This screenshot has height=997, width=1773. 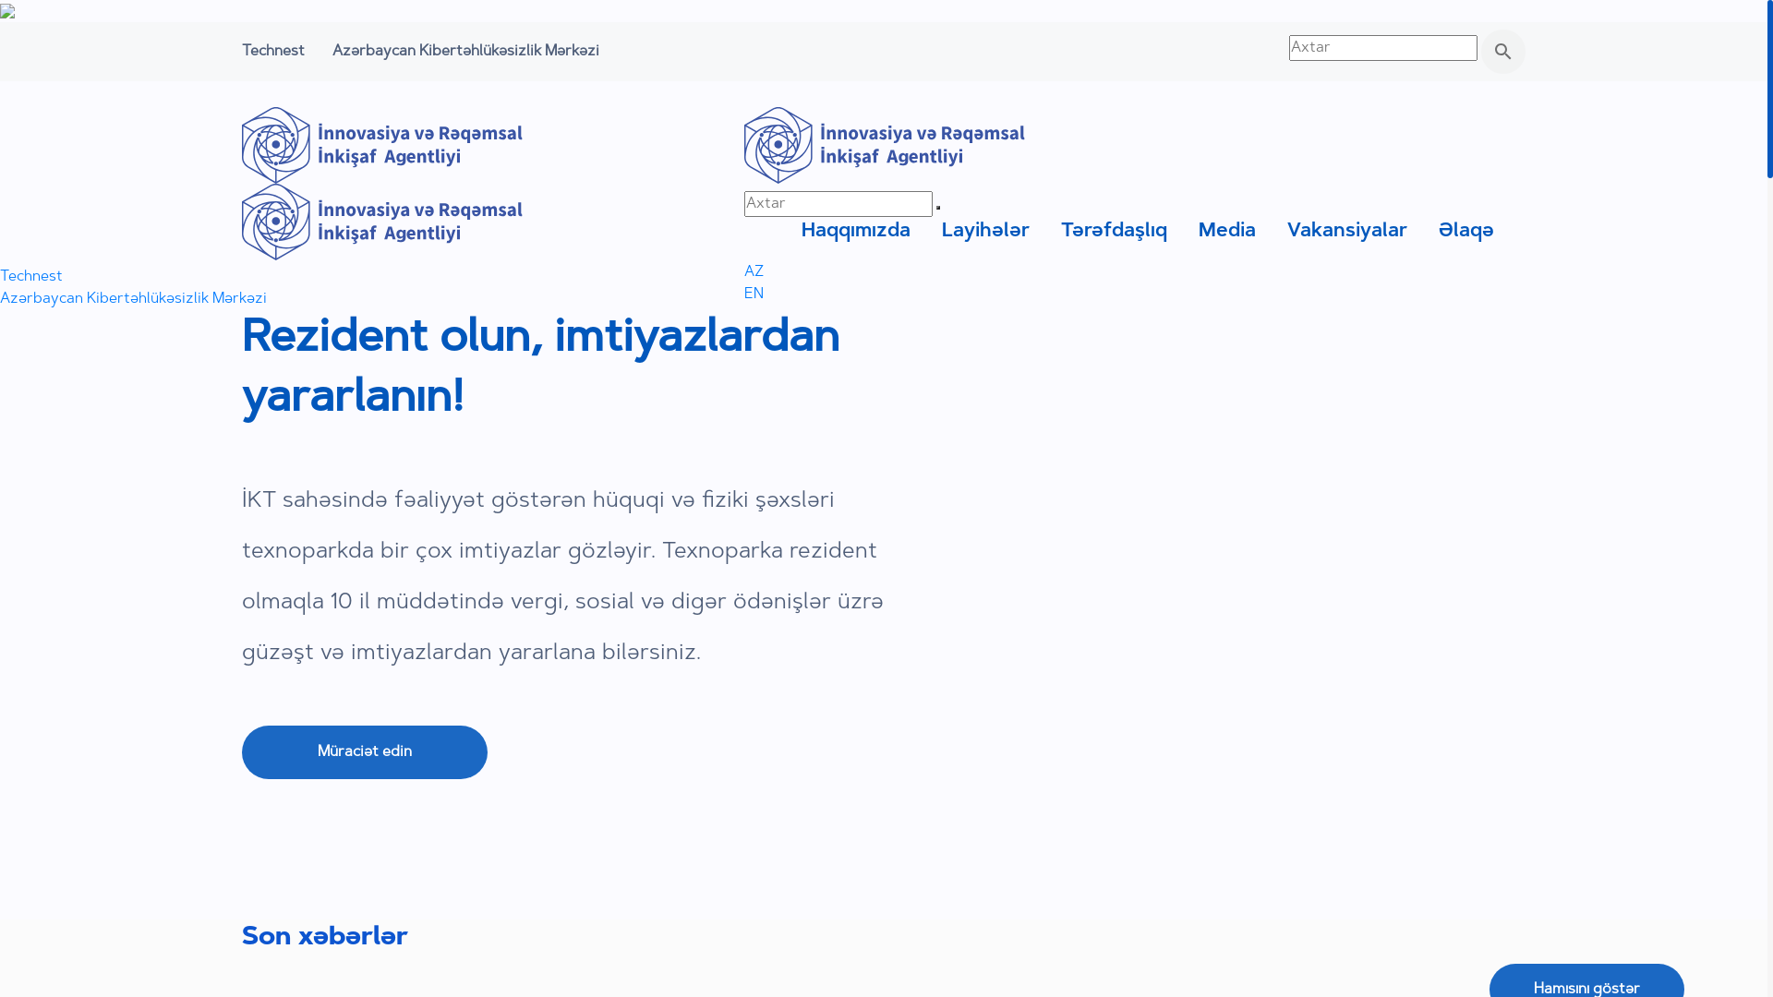 What do you see at coordinates (754, 294) in the screenshot?
I see `'EN'` at bounding box center [754, 294].